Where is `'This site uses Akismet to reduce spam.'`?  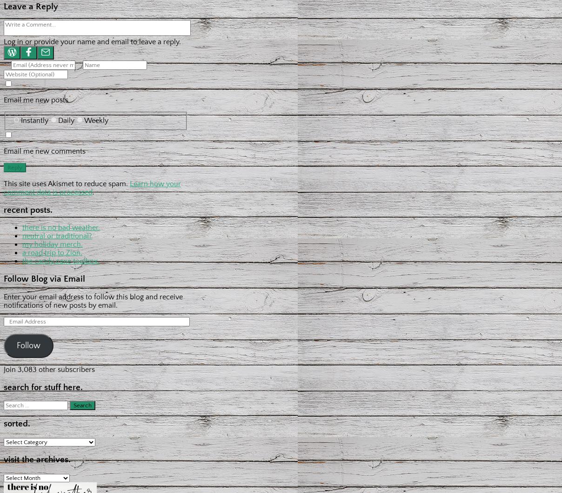 'This site uses Akismet to reduce spam.' is located at coordinates (66, 182).